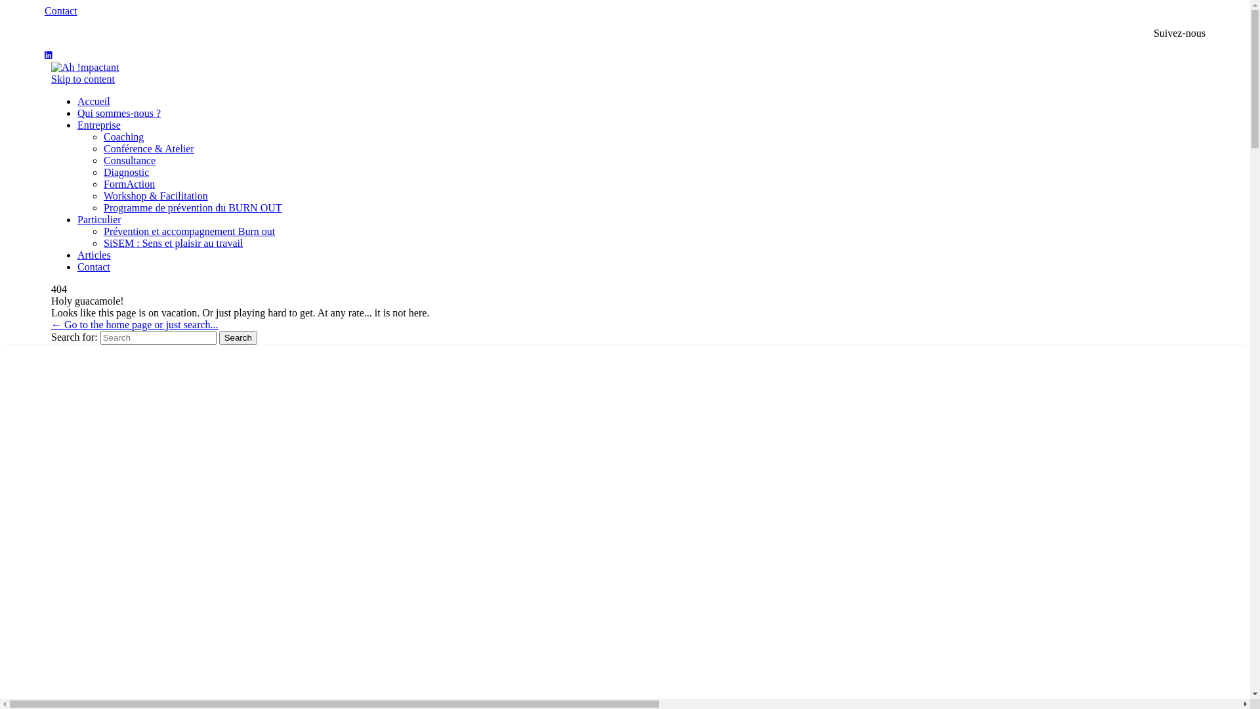  I want to click on 'SiSEM : Sens et plaisir au travail', so click(173, 243).